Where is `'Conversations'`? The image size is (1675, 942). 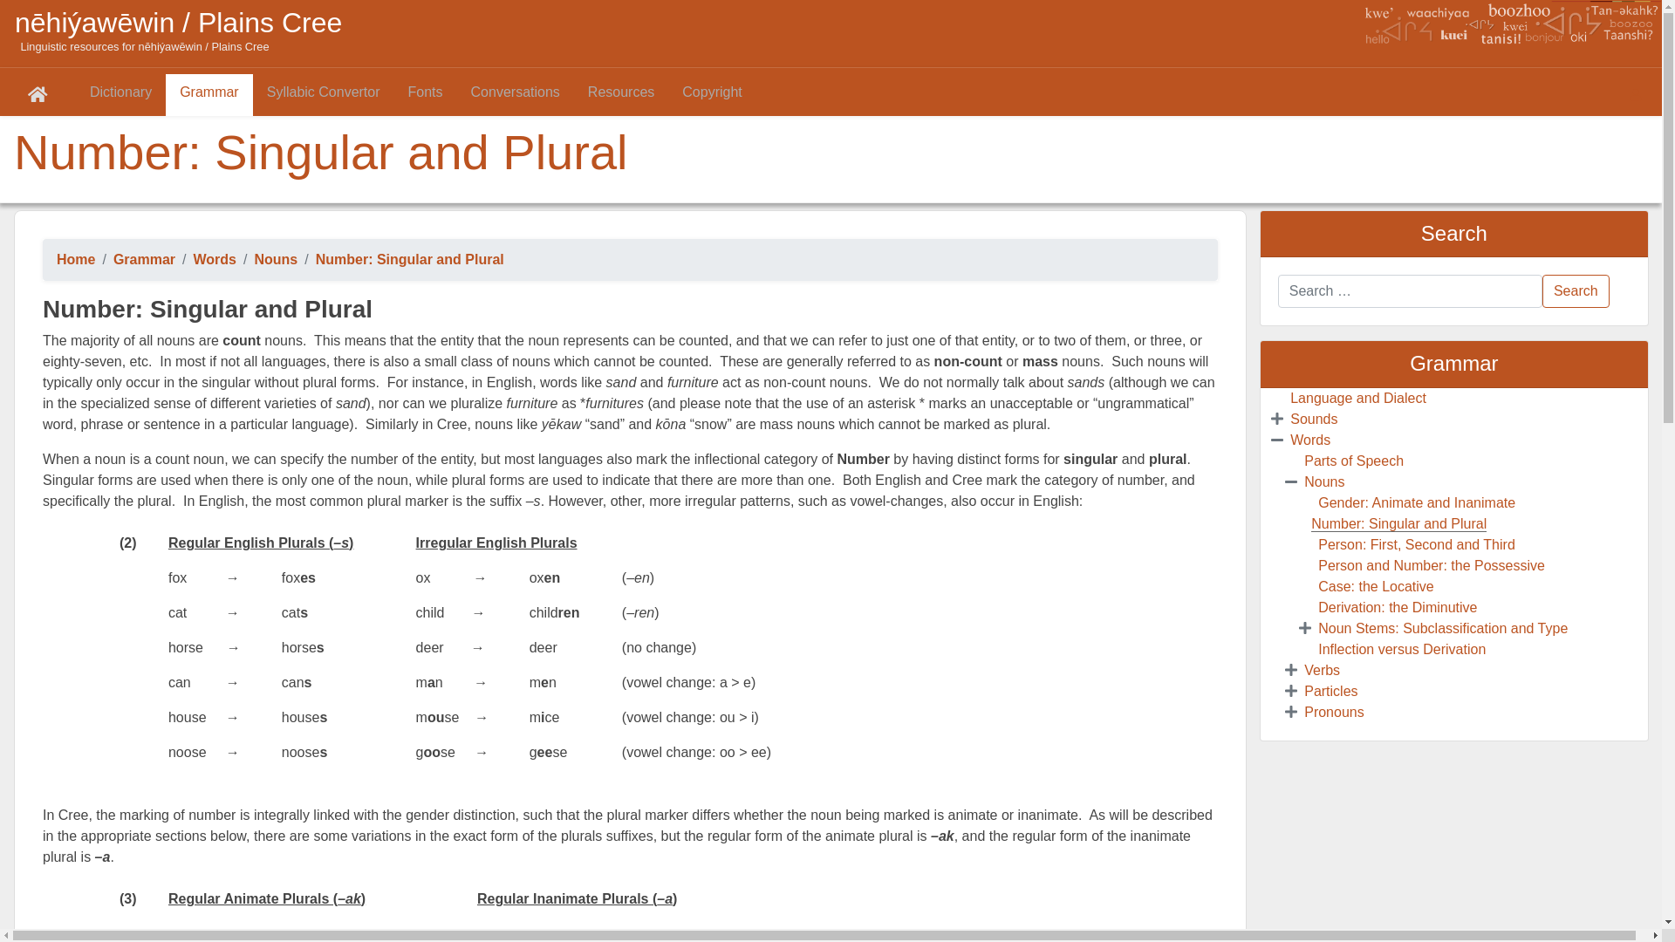 'Conversations' is located at coordinates (514, 94).